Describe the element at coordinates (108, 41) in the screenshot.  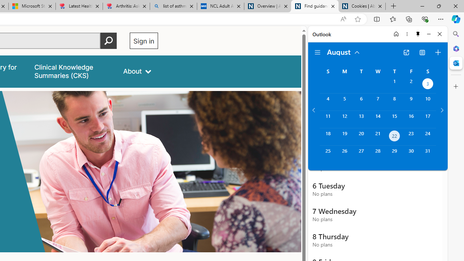
I see `'Perform search'` at that location.